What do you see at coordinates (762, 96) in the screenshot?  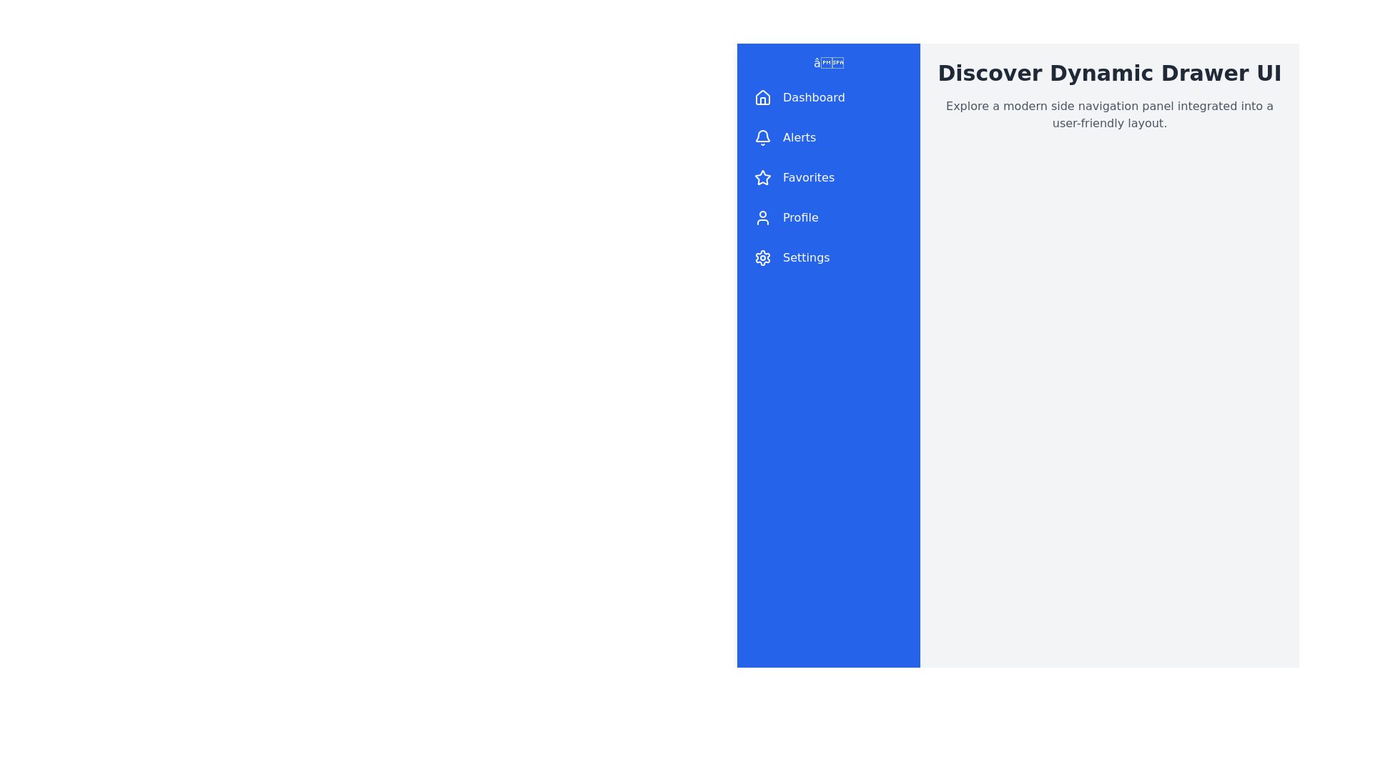 I see `the house-shaped icon located at the top of the blue vertical sidebar menu` at bounding box center [762, 96].